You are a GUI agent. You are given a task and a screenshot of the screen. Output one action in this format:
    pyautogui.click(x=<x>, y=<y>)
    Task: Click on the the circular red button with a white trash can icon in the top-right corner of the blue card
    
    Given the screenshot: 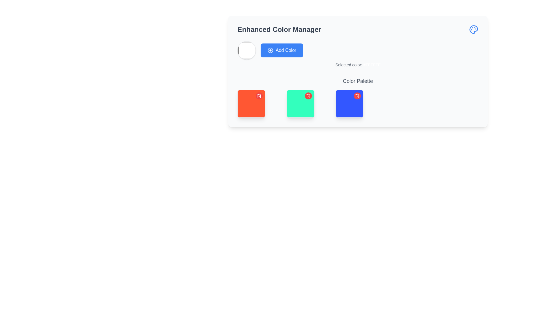 What is the action you would take?
    pyautogui.click(x=357, y=96)
    